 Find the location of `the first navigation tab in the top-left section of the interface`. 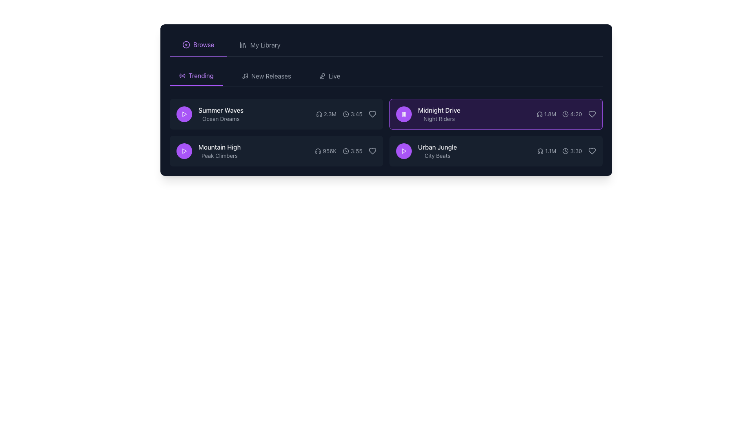

the first navigation tab in the top-left section of the interface is located at coordinates (198, 45).